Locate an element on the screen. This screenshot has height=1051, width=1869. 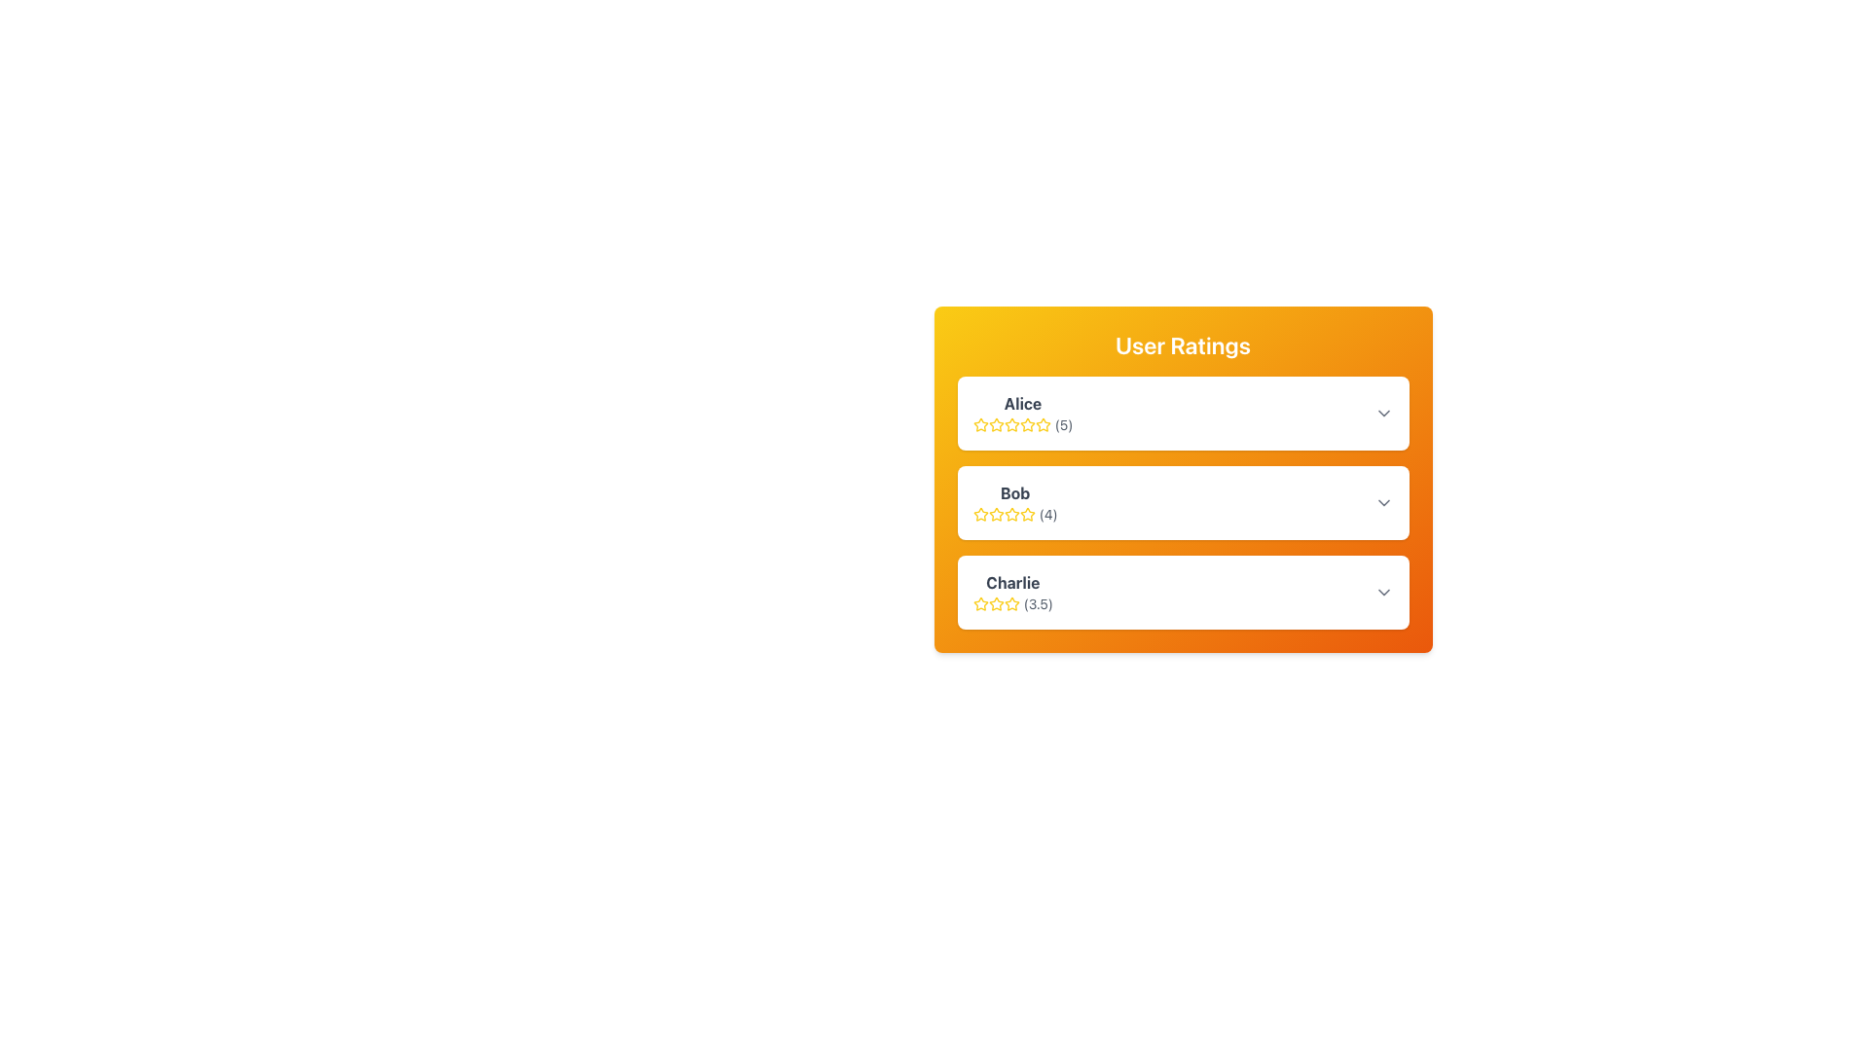
the second star in the Star rating icon within the 'Bob' section of the 'User Ratings' card to adjust the rating is located at coordinates (980, 513).